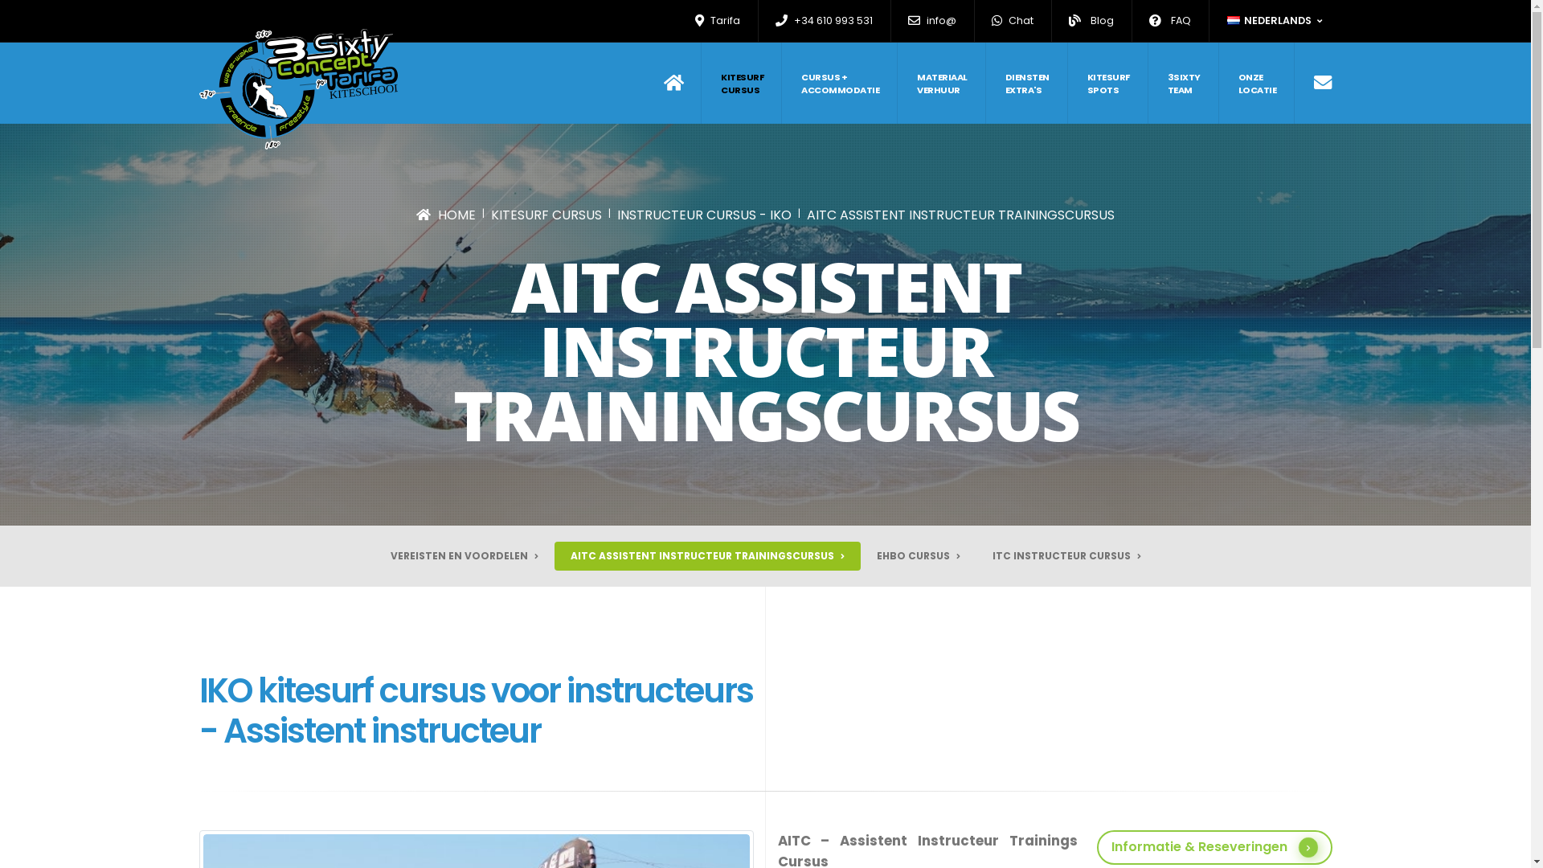 Image resolution: width=1543 pixels, height=868 pixels. Describe the element at coordinates (1107, 83) in the screenshot. I see `'KITESURF SPOTS'` at that location.